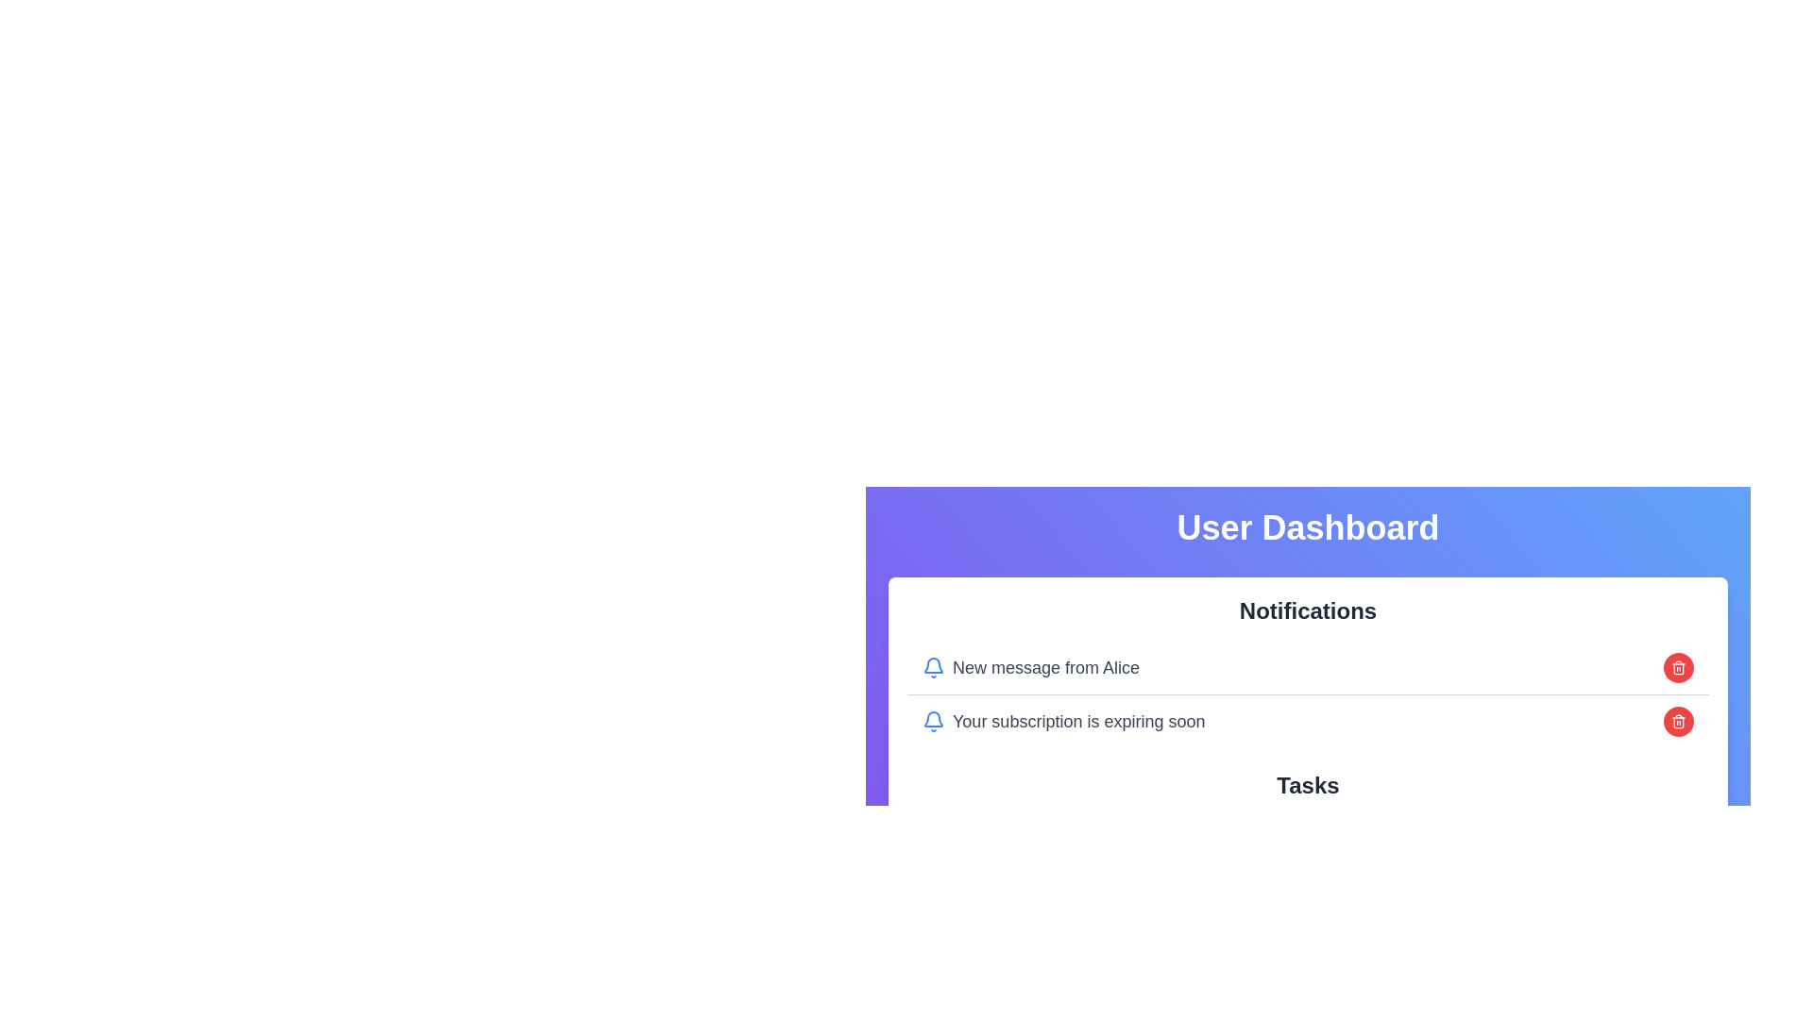  What do you see at coordinates (933, 667) in the screenshot?
I see `the bell icon representing a notification alert for a new message from Alice, located in the upper-left corner of the notification entry` at bounding box center [933, 667].